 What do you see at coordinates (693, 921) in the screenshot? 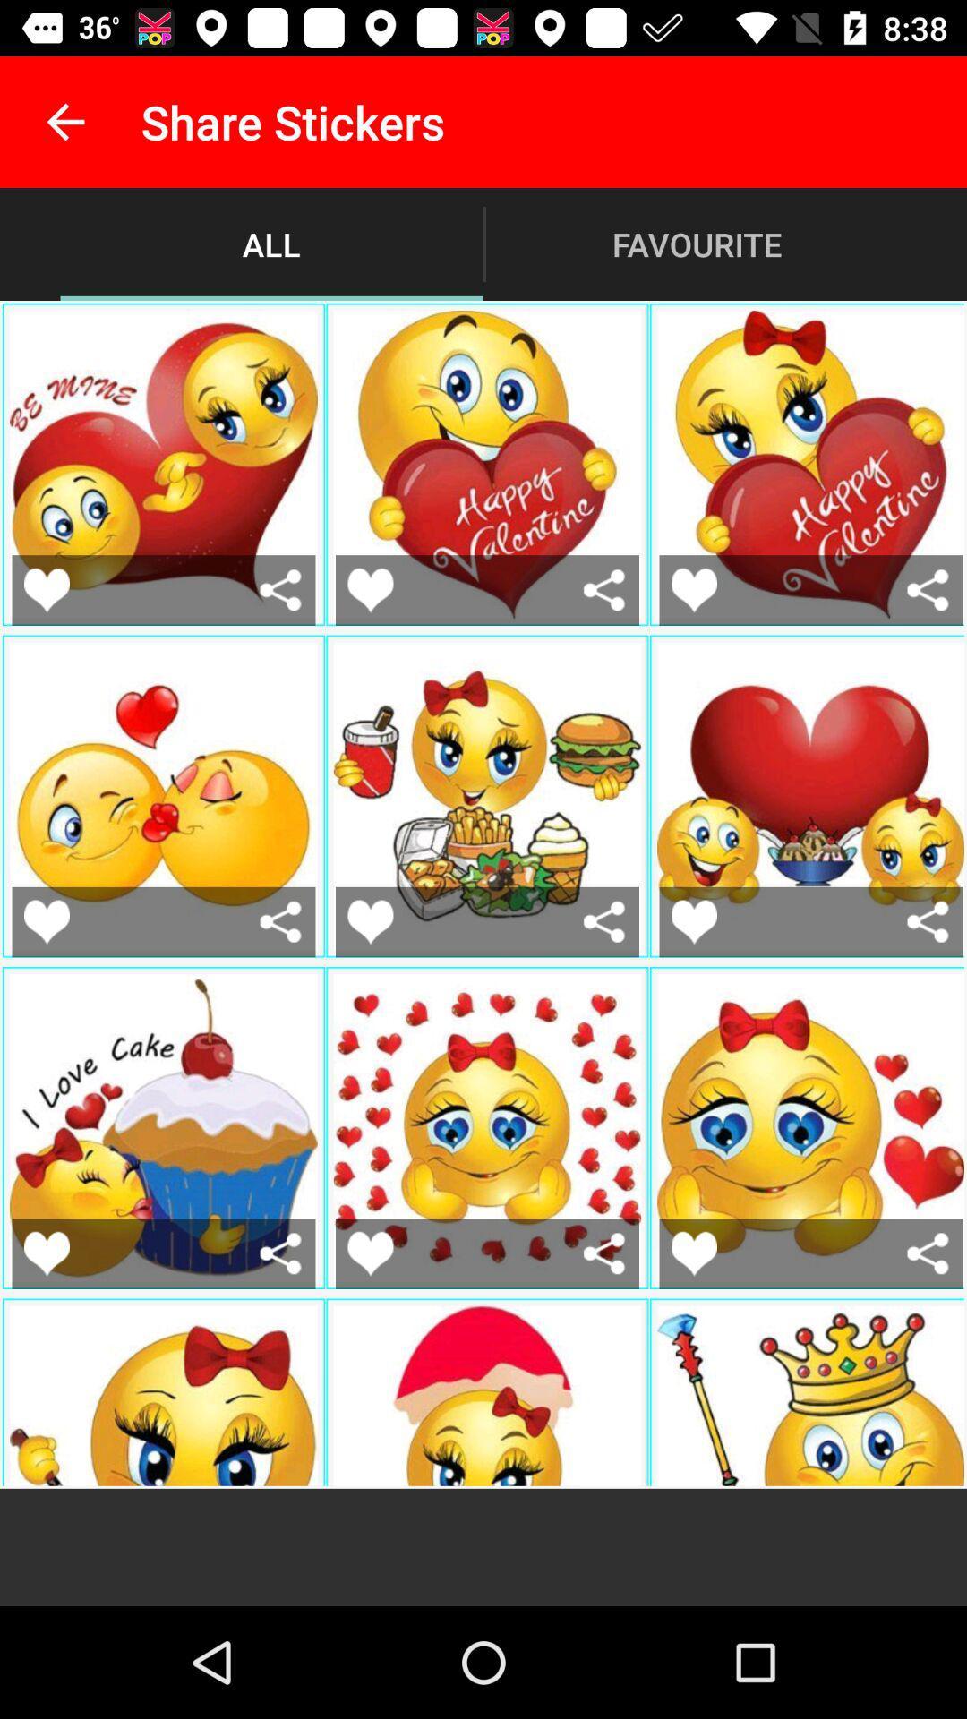
I see `love this sticker` at bounding box center [693, 921].